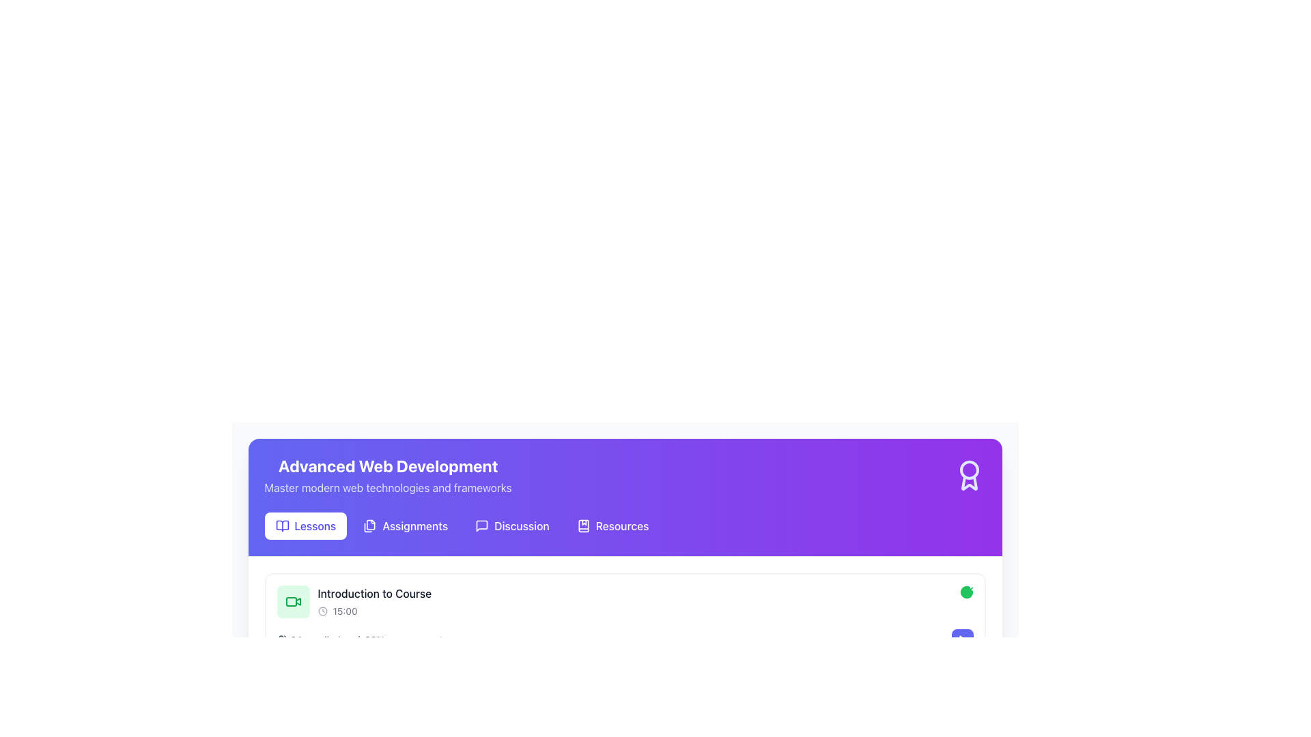 This screenshot has width=1311, height=737. What do you see at coordinates (968, 475) in the screenshot?
I see `the decorative SVG icon located in the top-right corner of the 'Advanced Web Development' banner` at bounding box center [968, 475].